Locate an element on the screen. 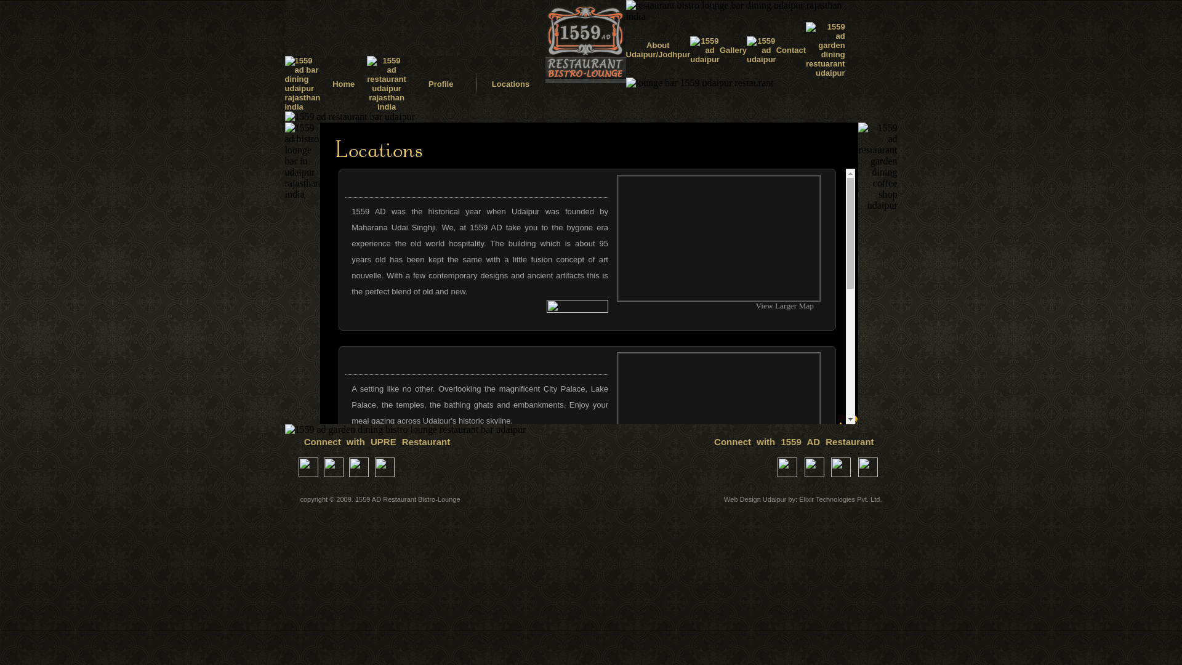  'Elixir Technologies Pvt. Ltd.' is located at coordinates (798, 499).